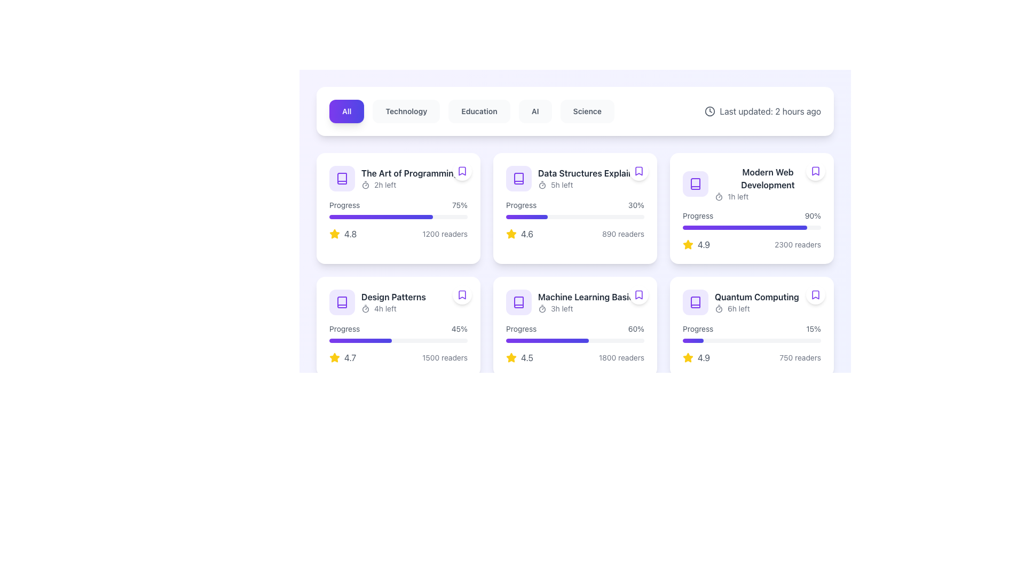  I want to click on the text element displaying '4.9', which is styled in gray and positioned next to a star icon in the bottom-right corner of the card layout, so click(704, 245).